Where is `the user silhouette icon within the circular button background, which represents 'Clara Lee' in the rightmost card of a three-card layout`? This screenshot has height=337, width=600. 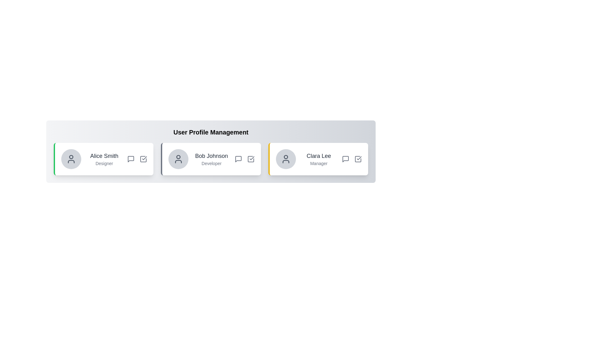 the user silhouette icon within the circular button background, which represents 'Clara Lee' in the rightmost card of a three-card layout is located at coordinates (285, 159).